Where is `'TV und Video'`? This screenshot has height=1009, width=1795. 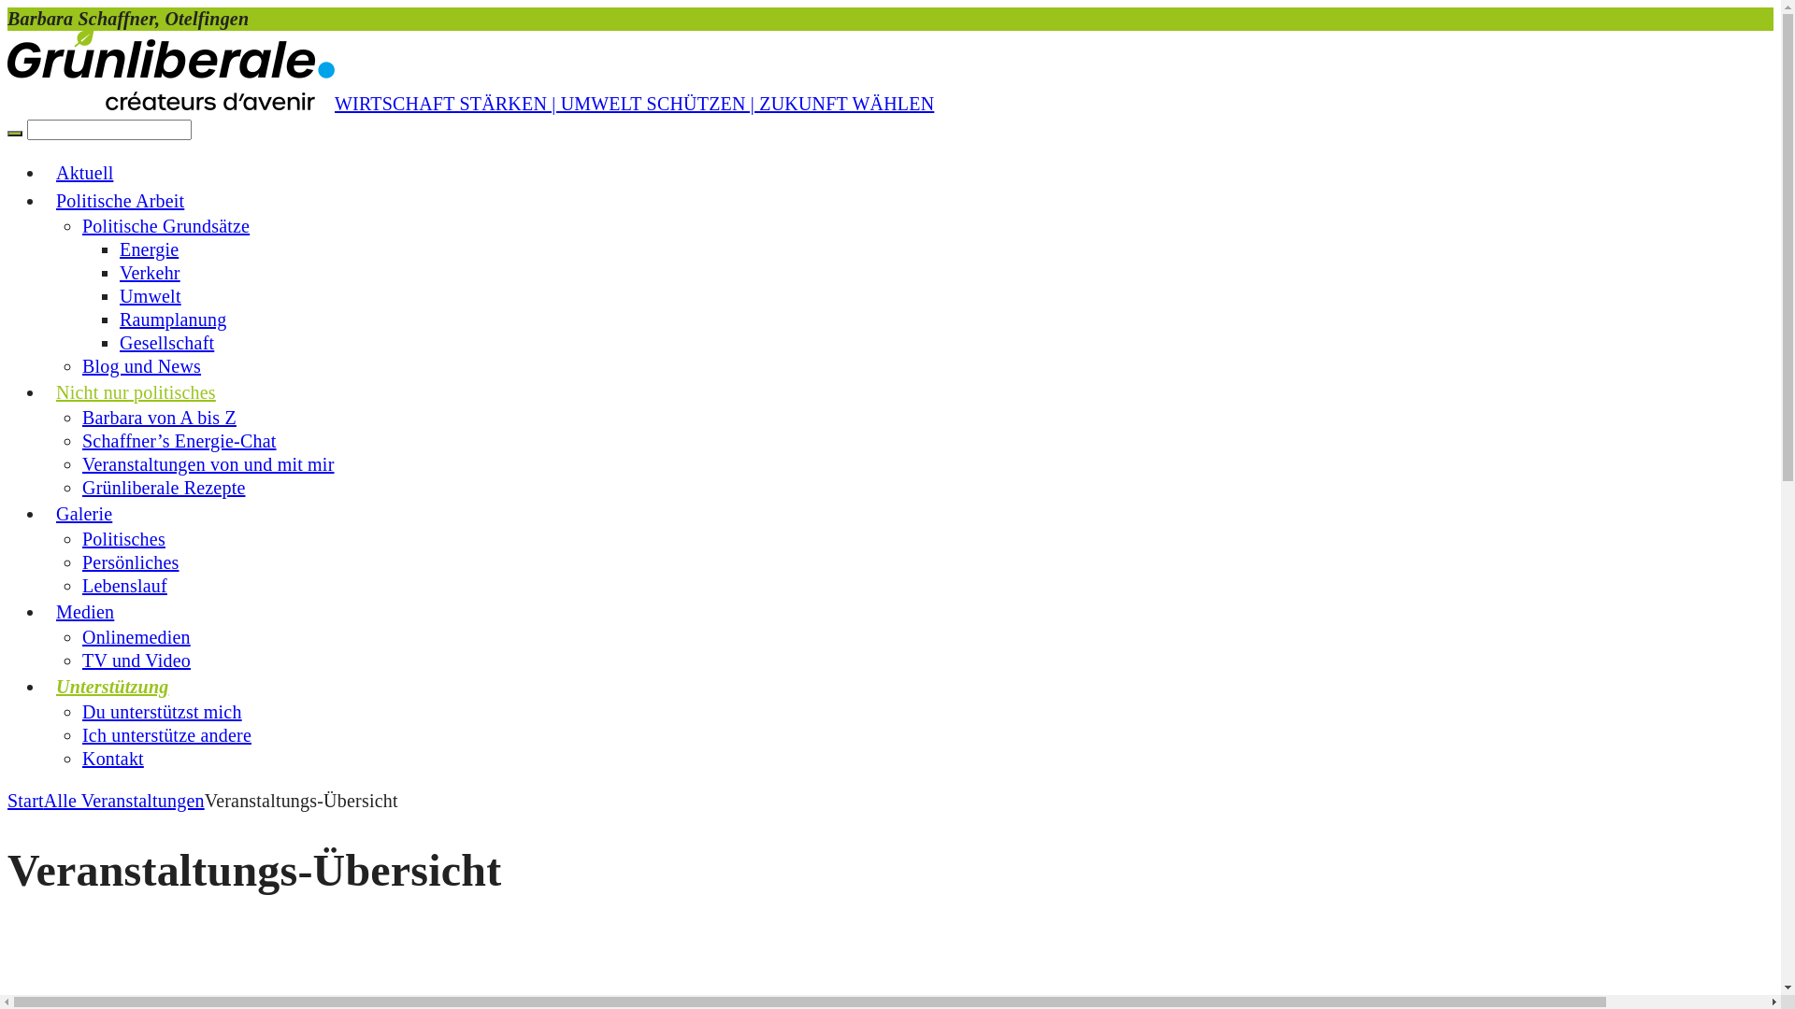 'TV und Video' is located at coordinates (135, 659).